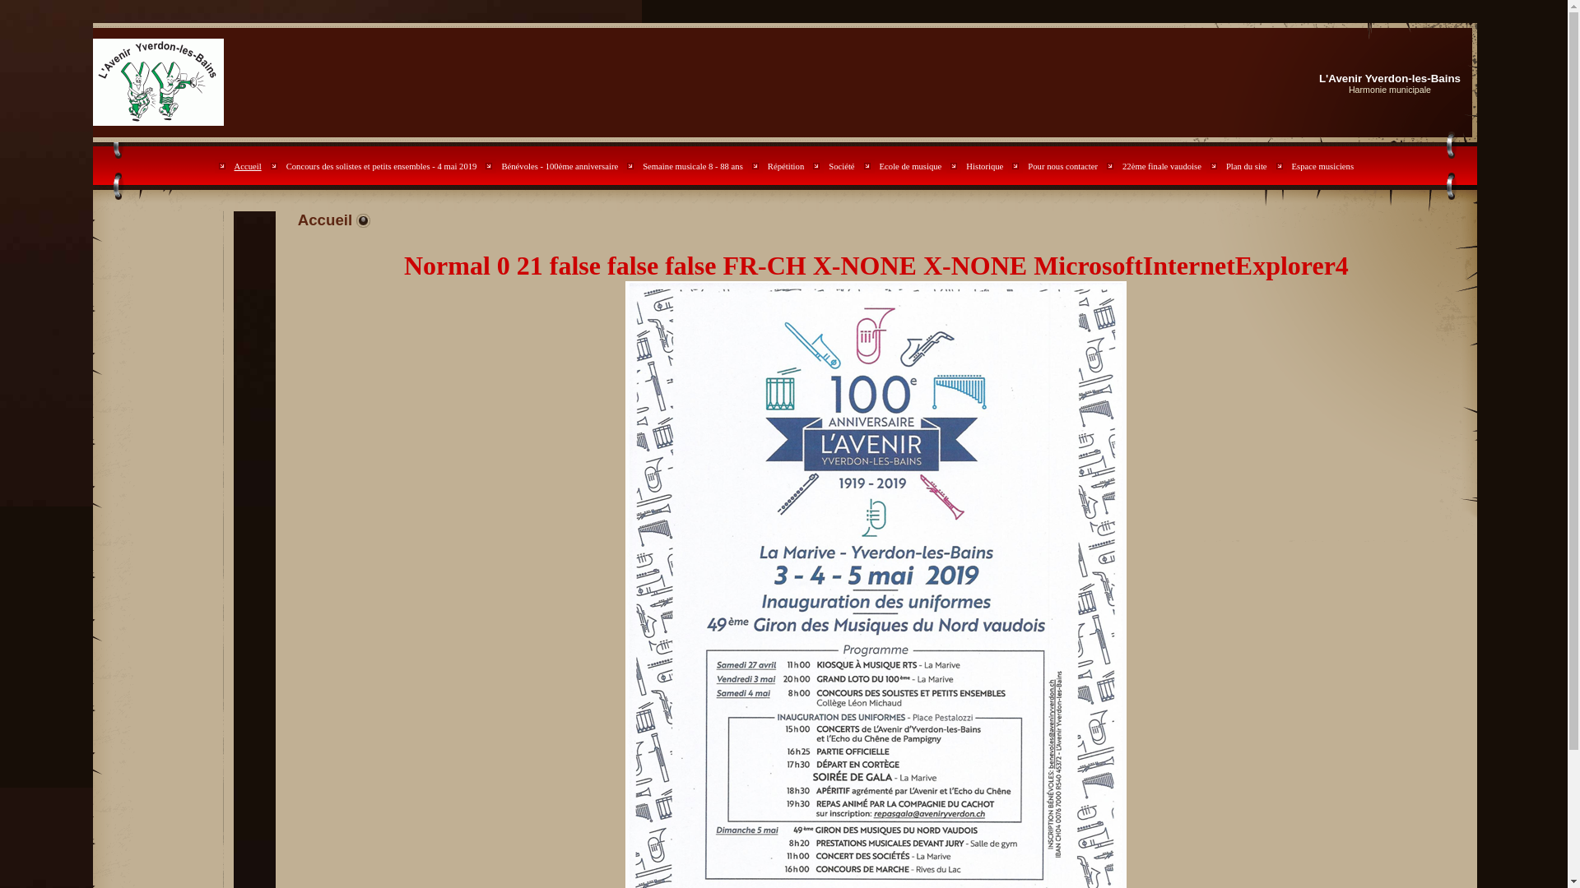 The width and height of the screenshot is (1580, 888). What do you see at coordinates (1062, 165) in the screenshot?
I see `'Pour nous contacter'` at bounding box center [1062, 165].